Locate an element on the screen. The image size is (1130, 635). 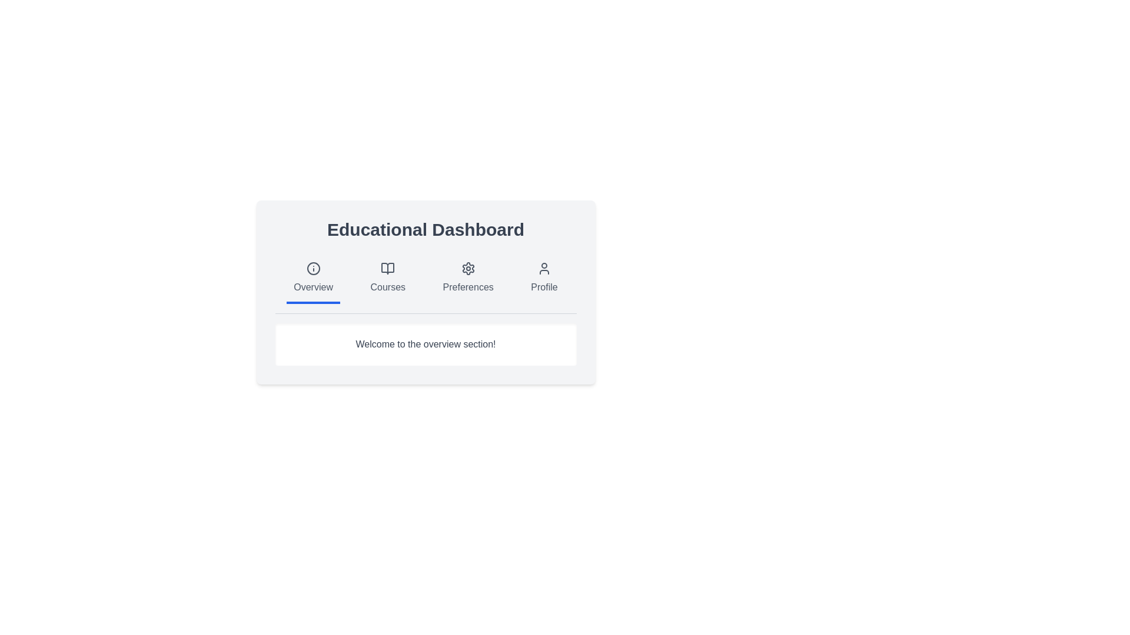
text of the 'Overview' label located in the main navigation options, positioned beneath the information icon is located at coordinates (313, 288).